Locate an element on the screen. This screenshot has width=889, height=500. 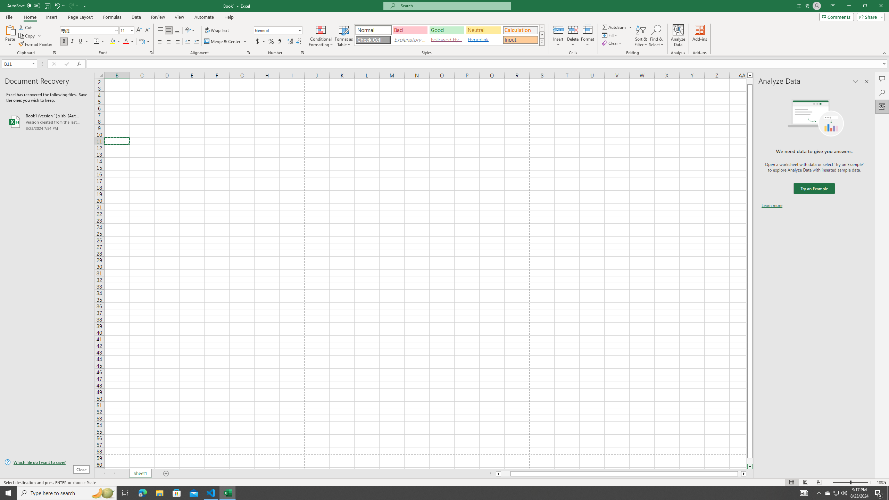
'Fill Color RGB(255, 255, 0)' is located at coordinates (112, 41).